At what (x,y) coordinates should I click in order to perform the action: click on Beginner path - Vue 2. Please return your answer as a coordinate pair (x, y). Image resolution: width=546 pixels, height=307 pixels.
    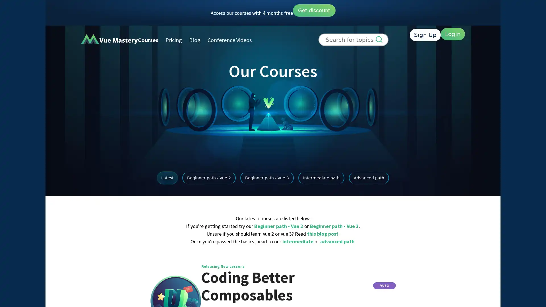
    Looking at the image, I should click on (188, 177).